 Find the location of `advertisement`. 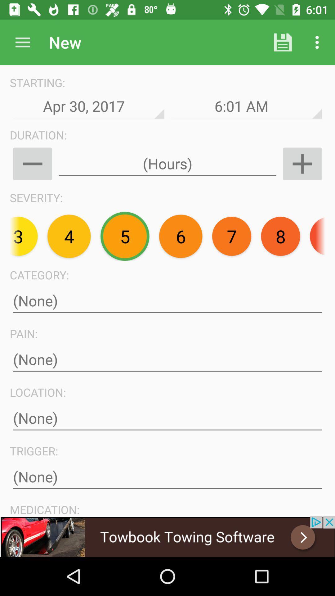

advertisement is located at coordinates (167, 536).